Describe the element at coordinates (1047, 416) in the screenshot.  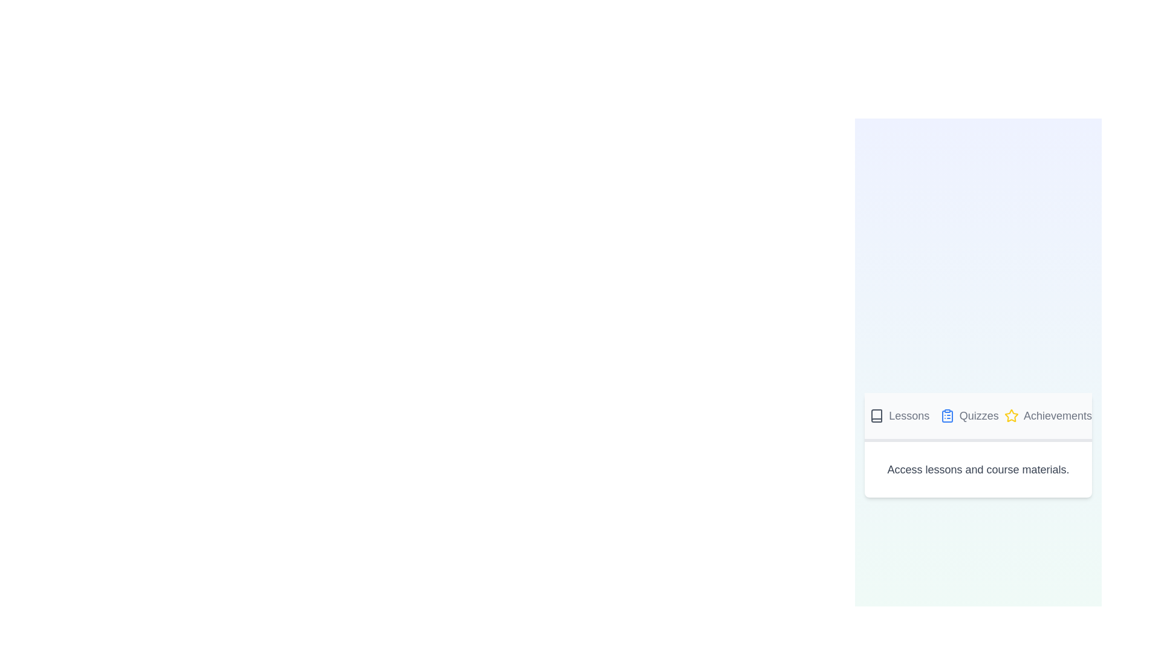
I see `the Achievements tab by clicking on it` at that location.